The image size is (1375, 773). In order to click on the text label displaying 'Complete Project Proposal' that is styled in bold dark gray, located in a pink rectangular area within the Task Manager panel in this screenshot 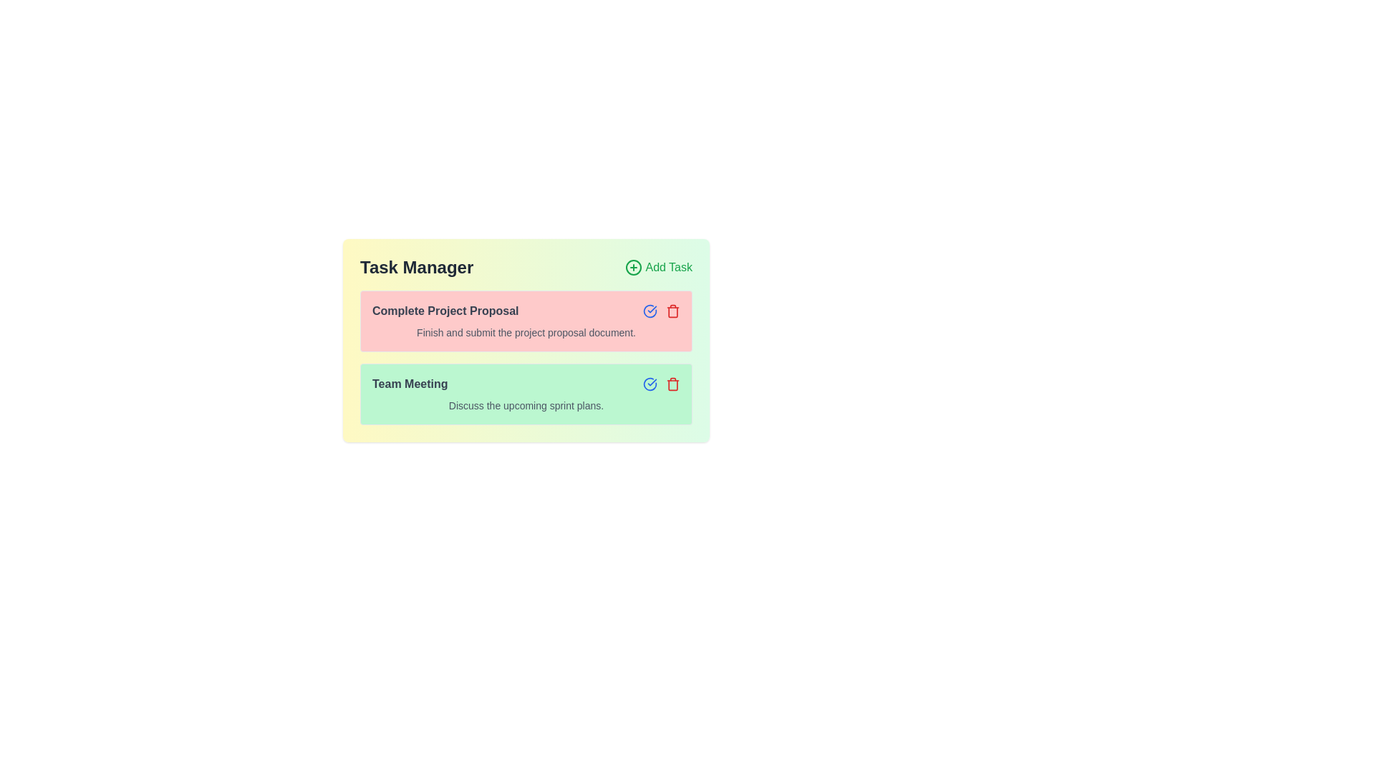, I will do `click(445, 311)`.